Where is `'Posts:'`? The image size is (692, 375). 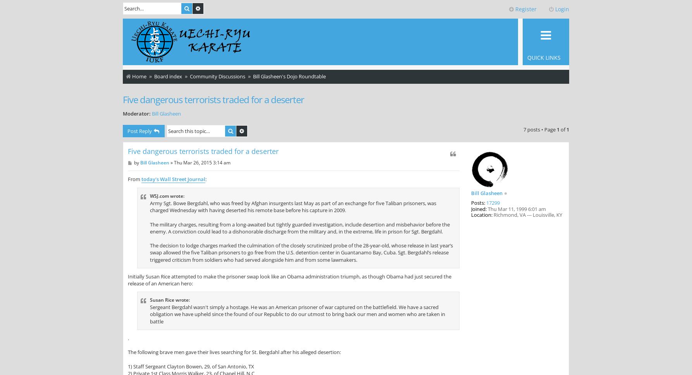
'Posts:' is located at coordinates (478, 202).